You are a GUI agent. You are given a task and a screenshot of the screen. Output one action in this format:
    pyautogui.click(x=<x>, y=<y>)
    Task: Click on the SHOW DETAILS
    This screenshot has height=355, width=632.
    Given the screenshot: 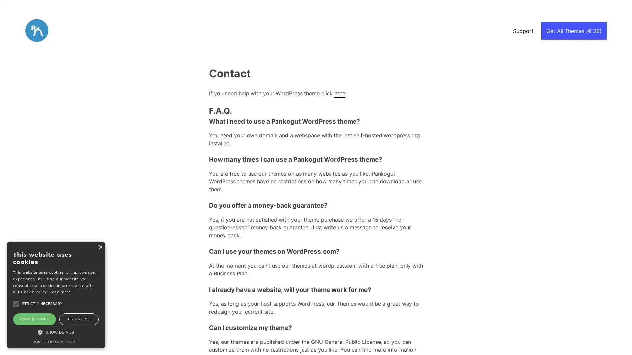 What is the action you would take?
    pyautogui.click(x=56, y=332)
    